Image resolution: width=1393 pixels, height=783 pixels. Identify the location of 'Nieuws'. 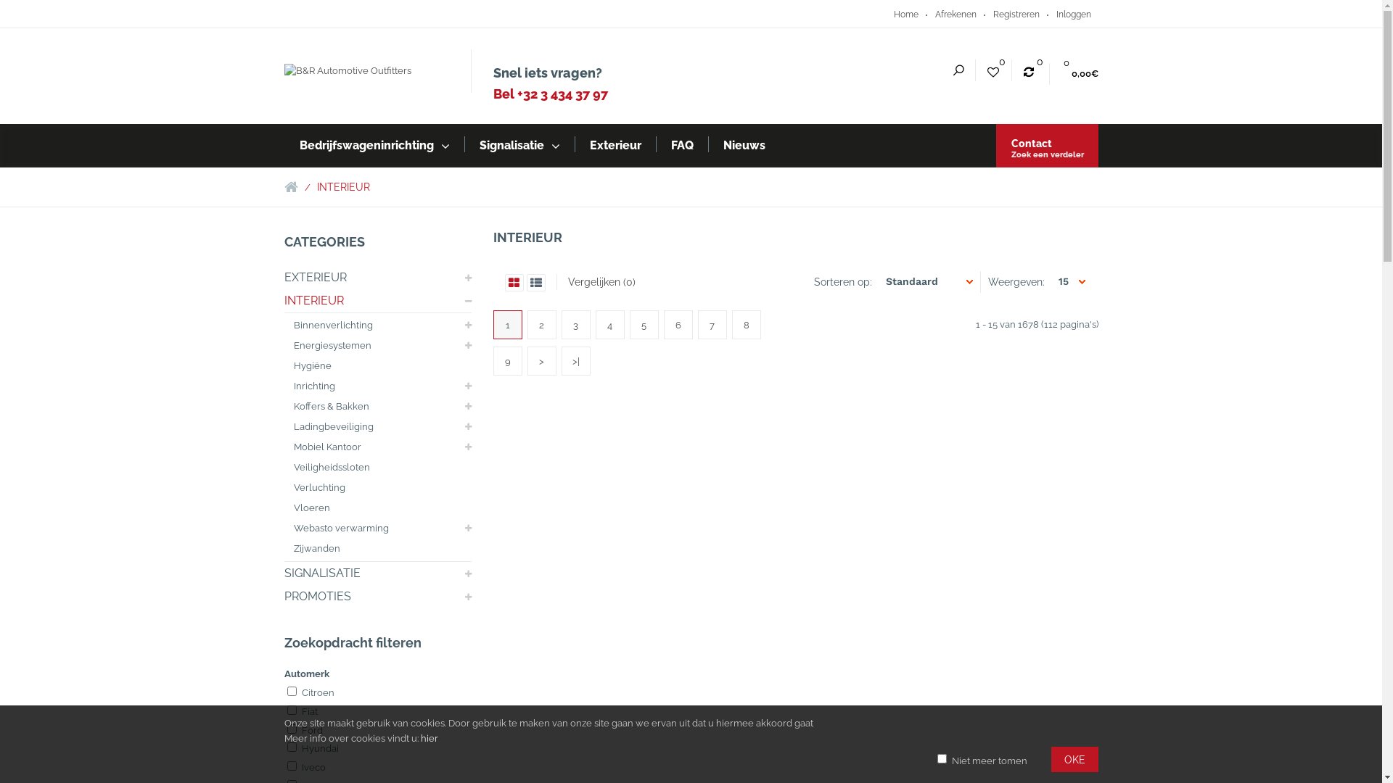
(744, 145).